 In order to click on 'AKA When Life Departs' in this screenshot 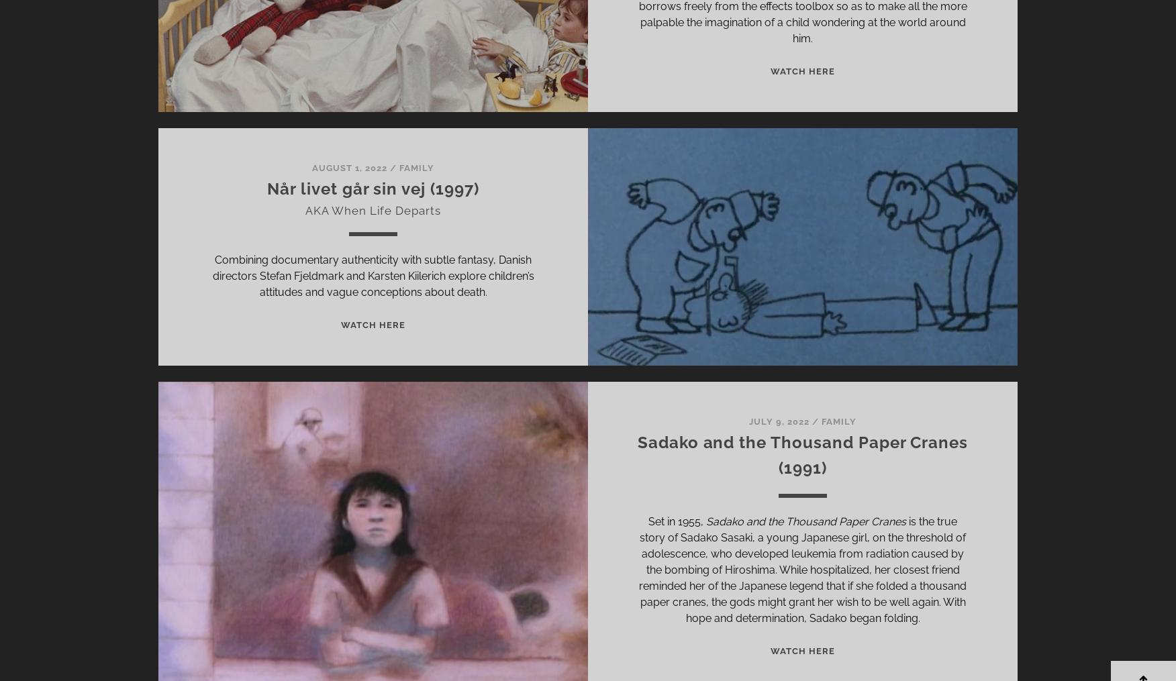, I will do `click(372, 210)`.